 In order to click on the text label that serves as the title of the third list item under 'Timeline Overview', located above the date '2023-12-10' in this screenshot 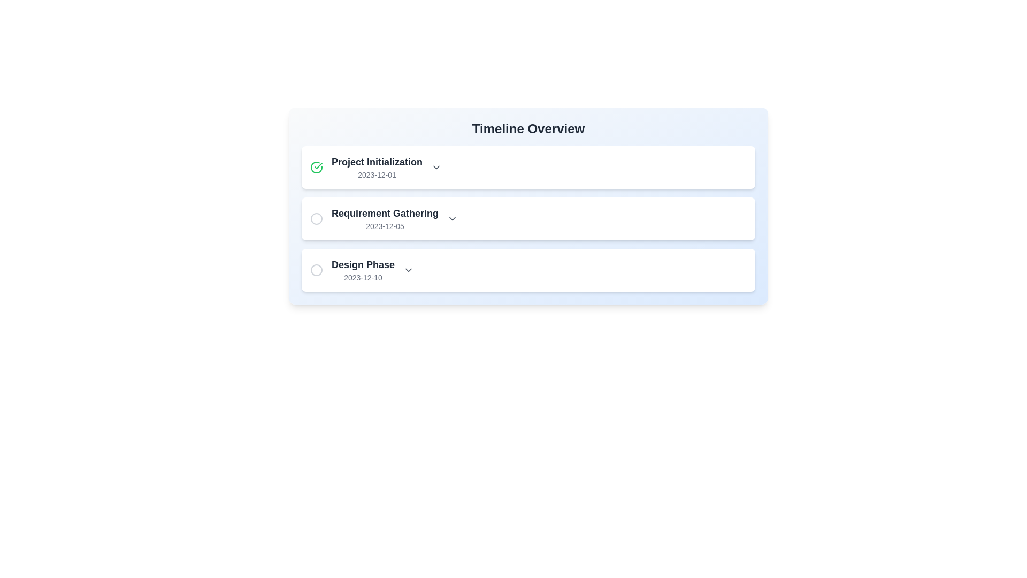, I will do `click(363, 264)`.